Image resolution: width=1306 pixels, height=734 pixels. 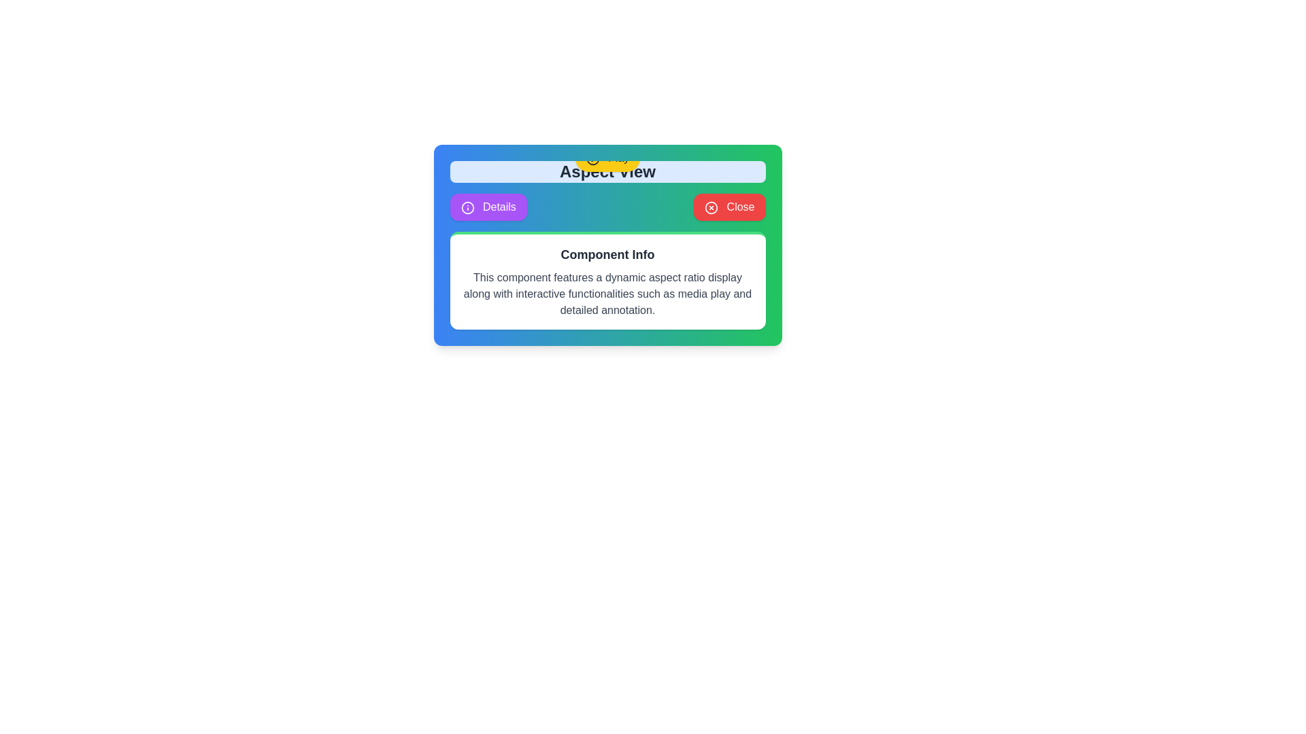 I want to click on the 'Play' action icon, which is located inside the 'Play' button and is centered to the left of the text label 'Play', so click(x=592, y=158).